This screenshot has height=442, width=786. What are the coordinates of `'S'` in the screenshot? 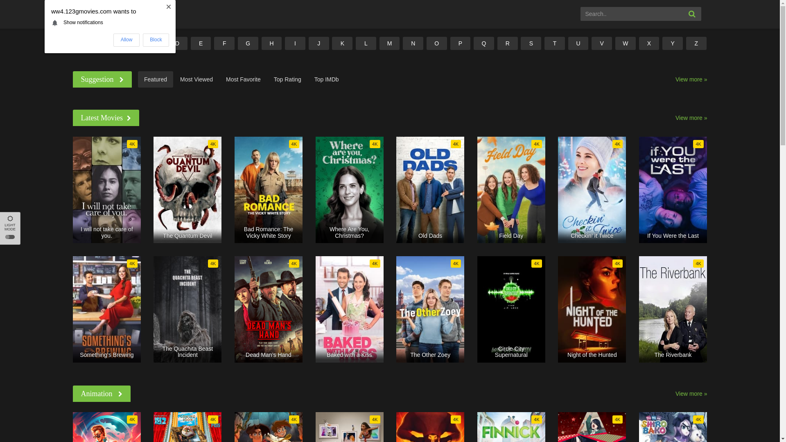 It's located at (531, 43).